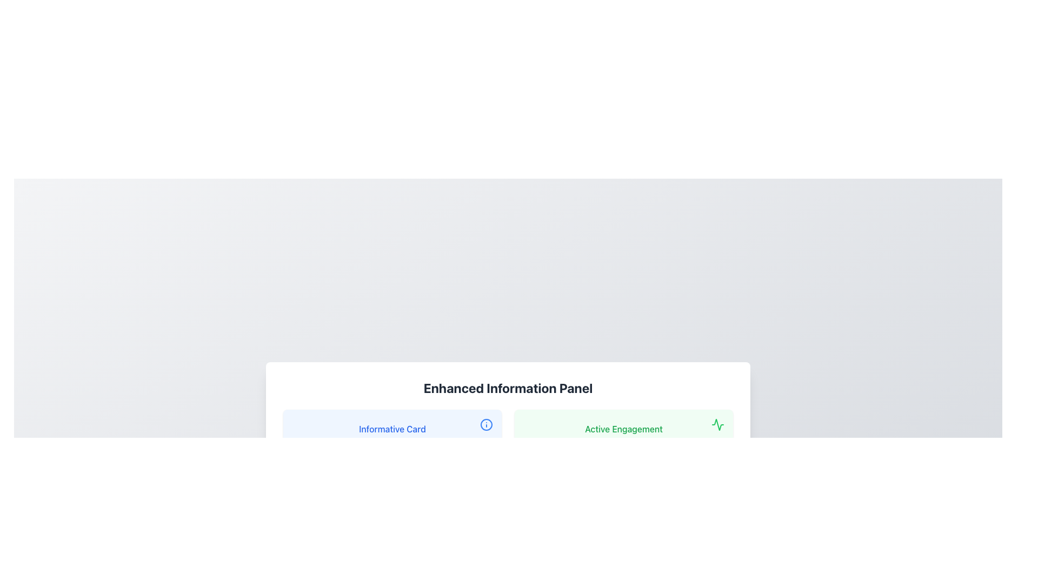 The width and height of the screenshot is (1038, 583). I want to click on the Icon located within the 'Active Engagement' button, which serves a decorative or functional role, positioned to the right of the text label, so click(718, 424).